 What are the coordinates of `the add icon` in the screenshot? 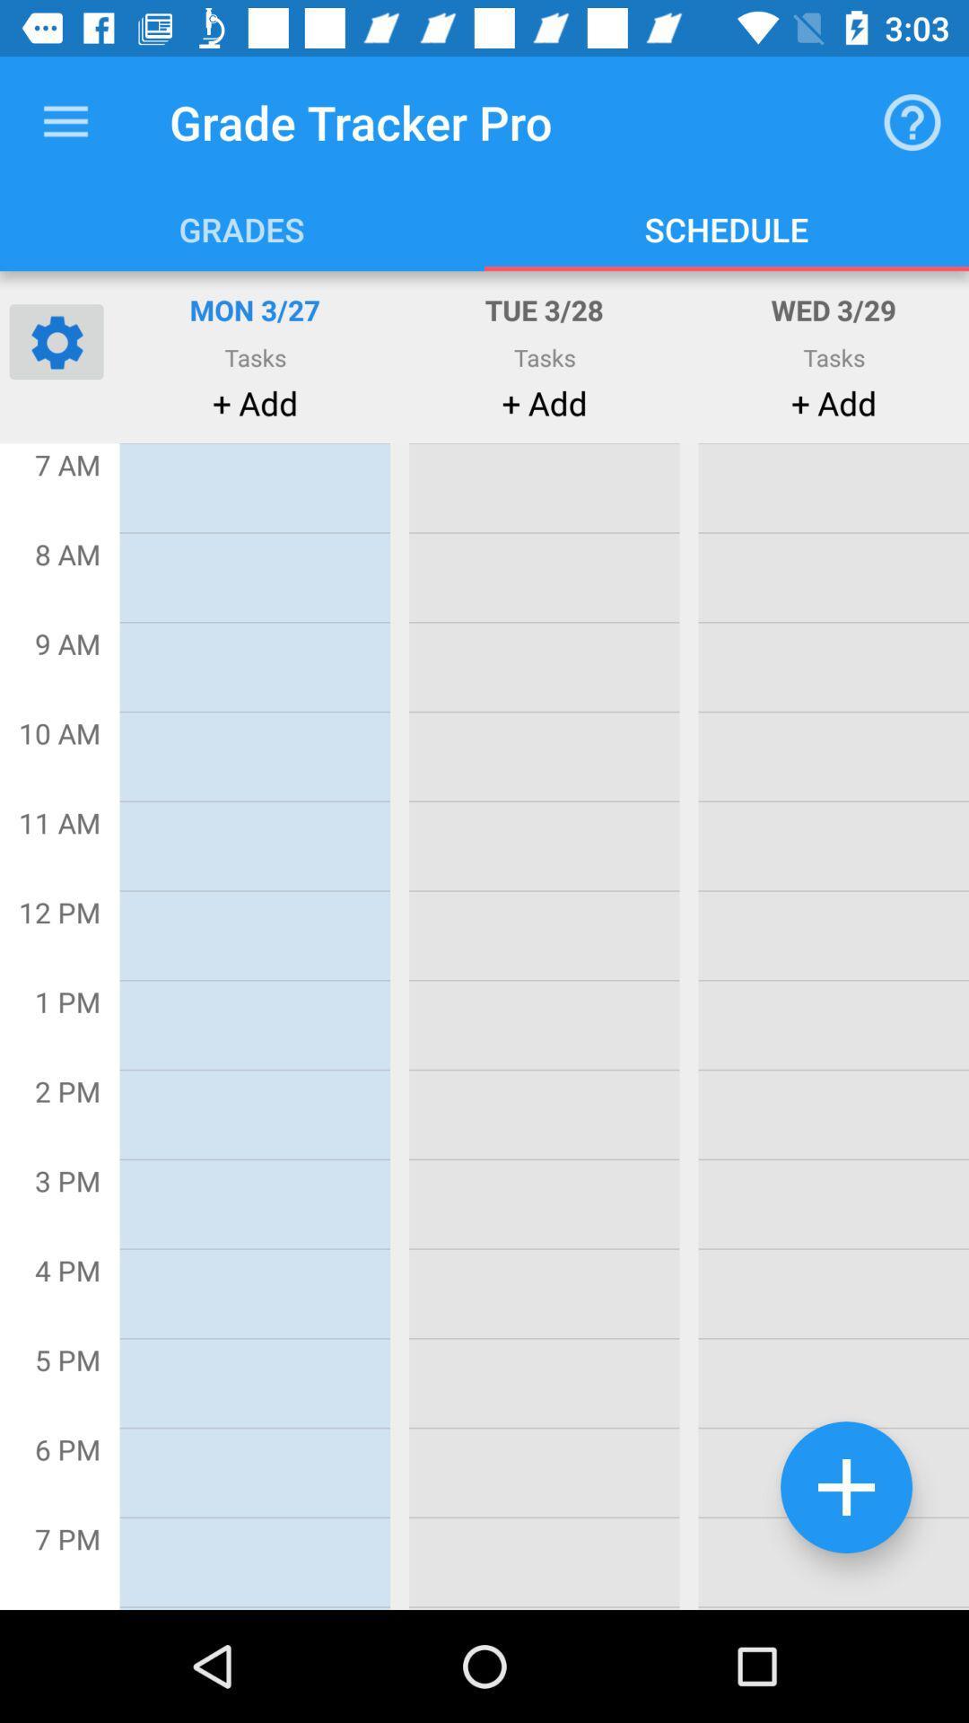 It's located at (846, 1487).